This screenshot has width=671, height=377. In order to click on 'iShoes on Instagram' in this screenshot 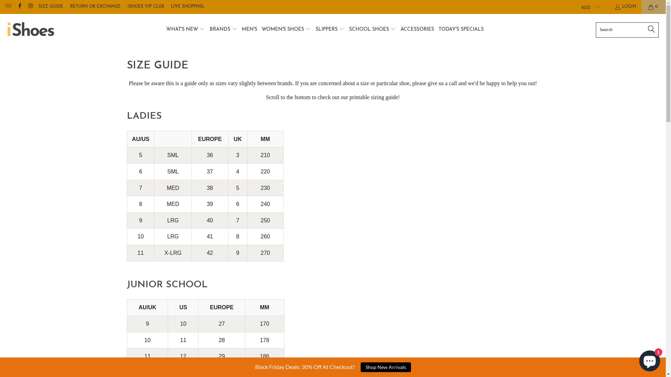, I will do `click(30, 7)`.